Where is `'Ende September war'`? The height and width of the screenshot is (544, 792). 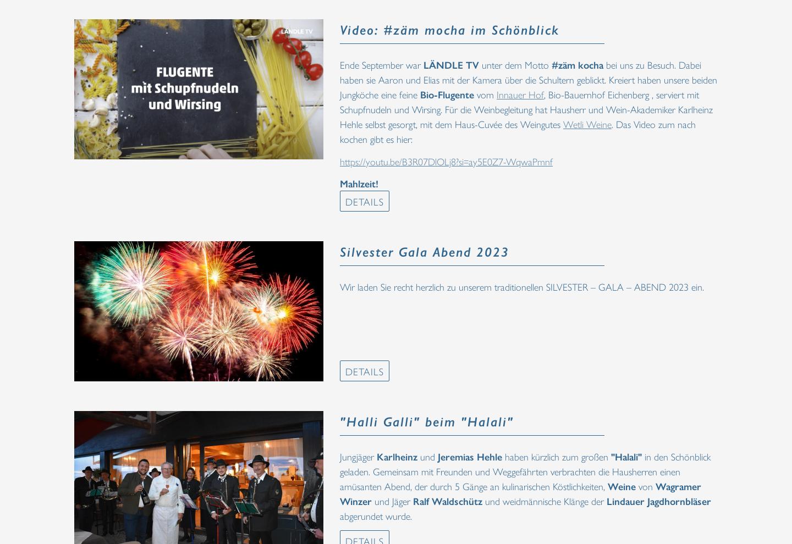 'Ende September war' is located at coordinates (381, 64).